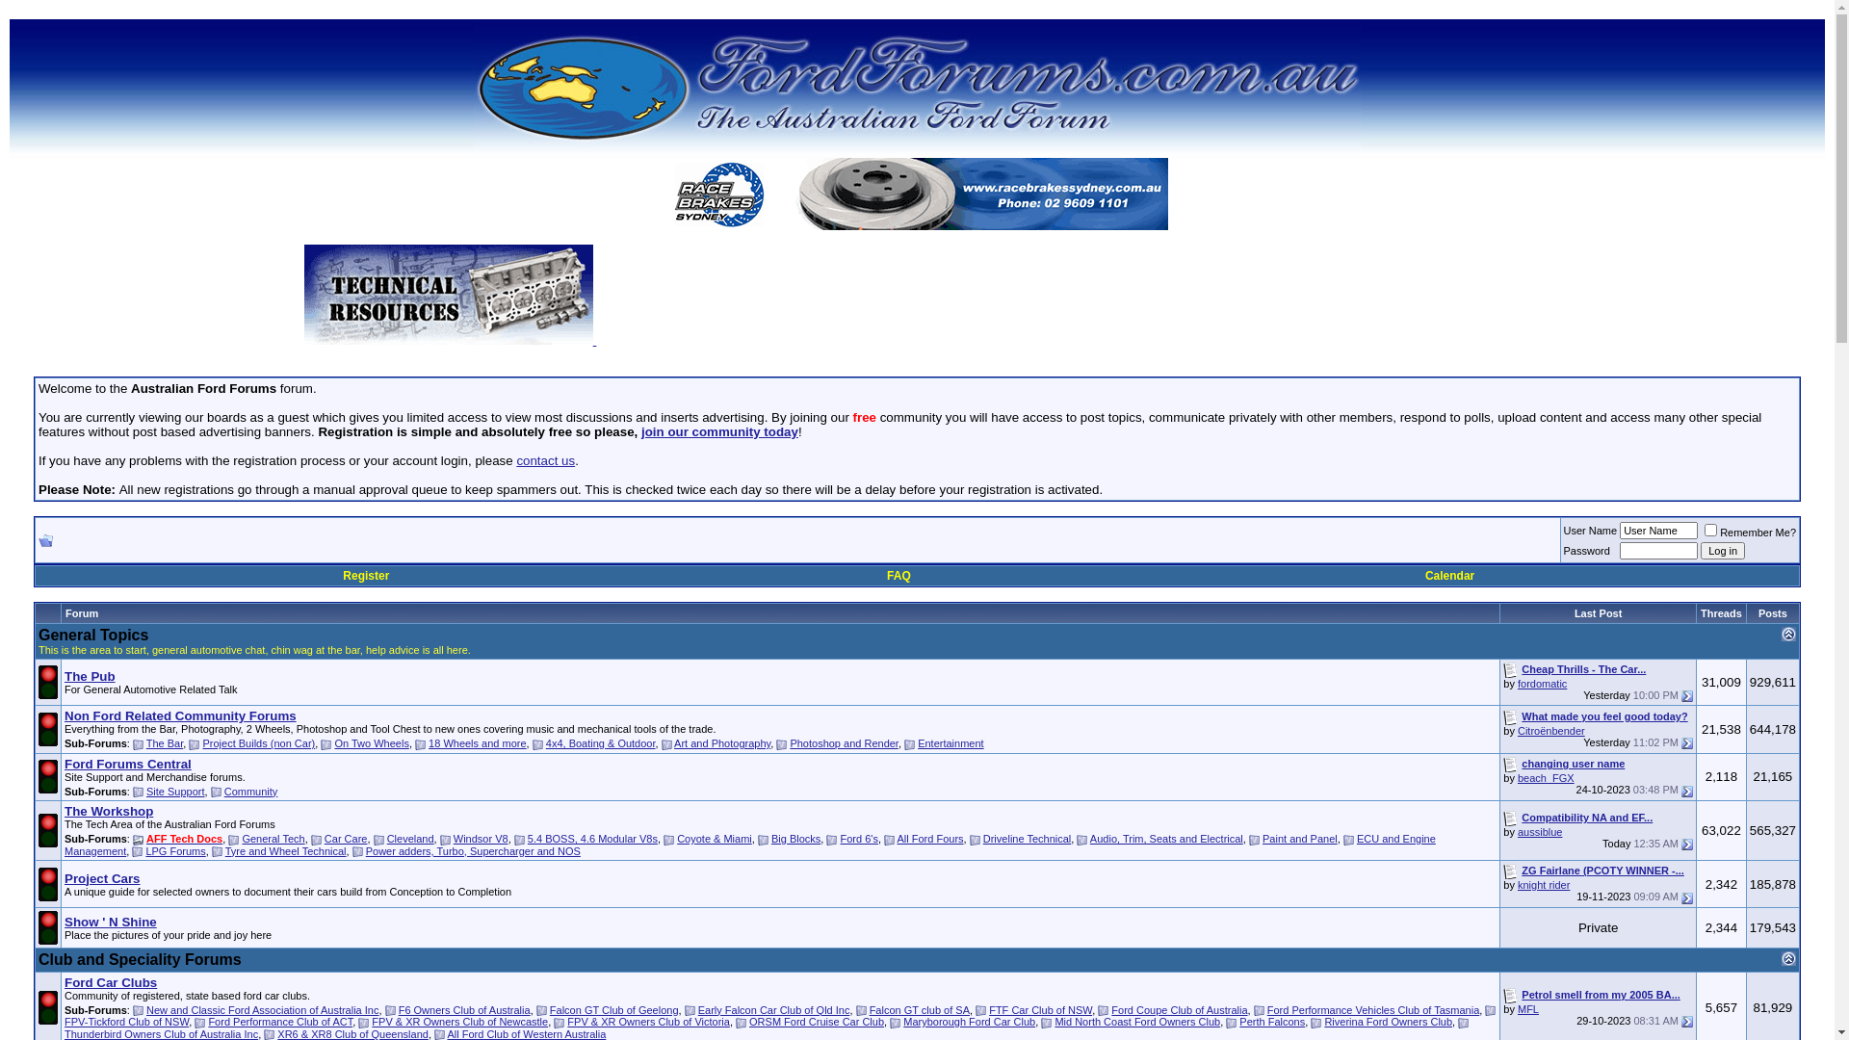 The image size is (1849, 1040). What do you see at coordinates (1600, 995) in the screenshot?
I see `'Petrol smell from my 2005 BA...'` at bounding box center [1600, 995].